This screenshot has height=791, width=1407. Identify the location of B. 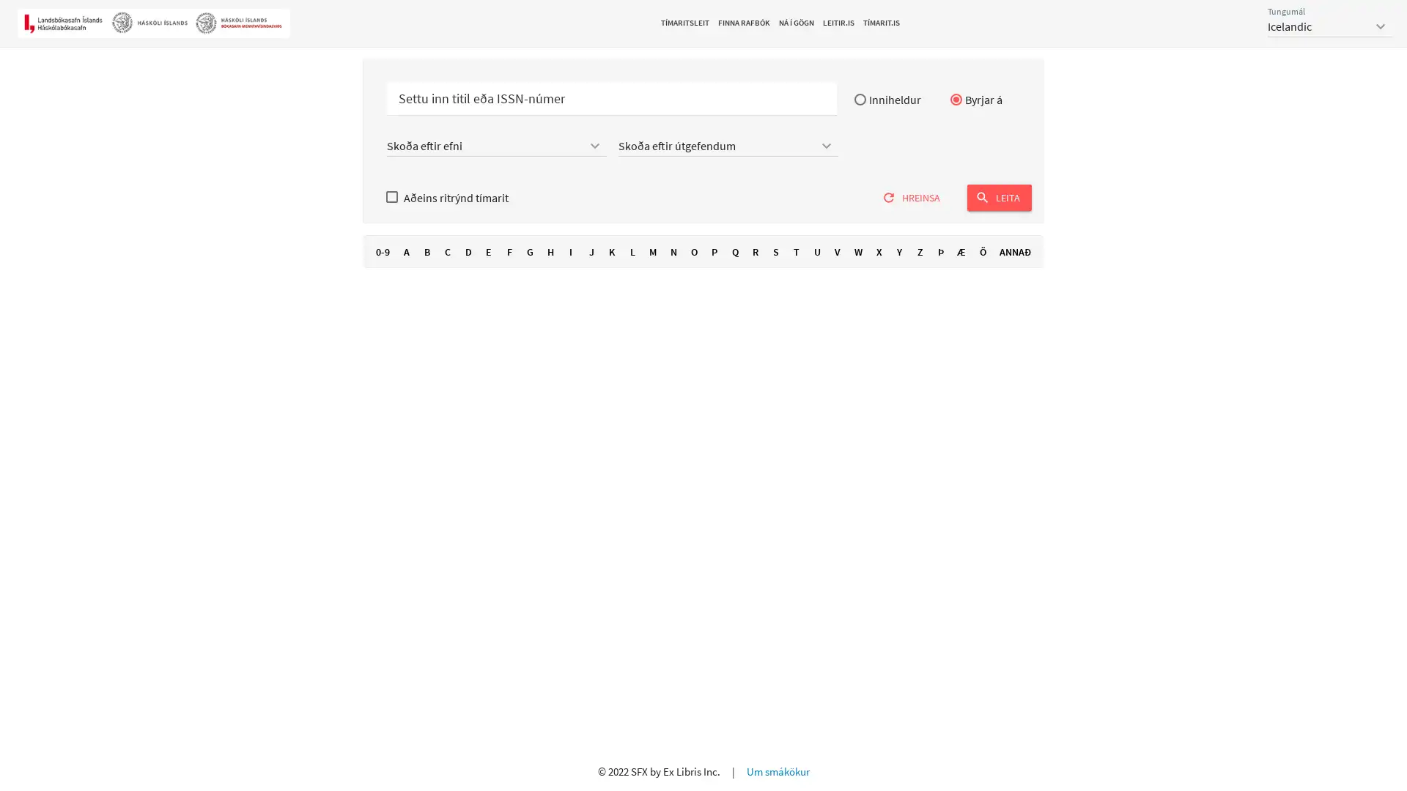
(426, 250).